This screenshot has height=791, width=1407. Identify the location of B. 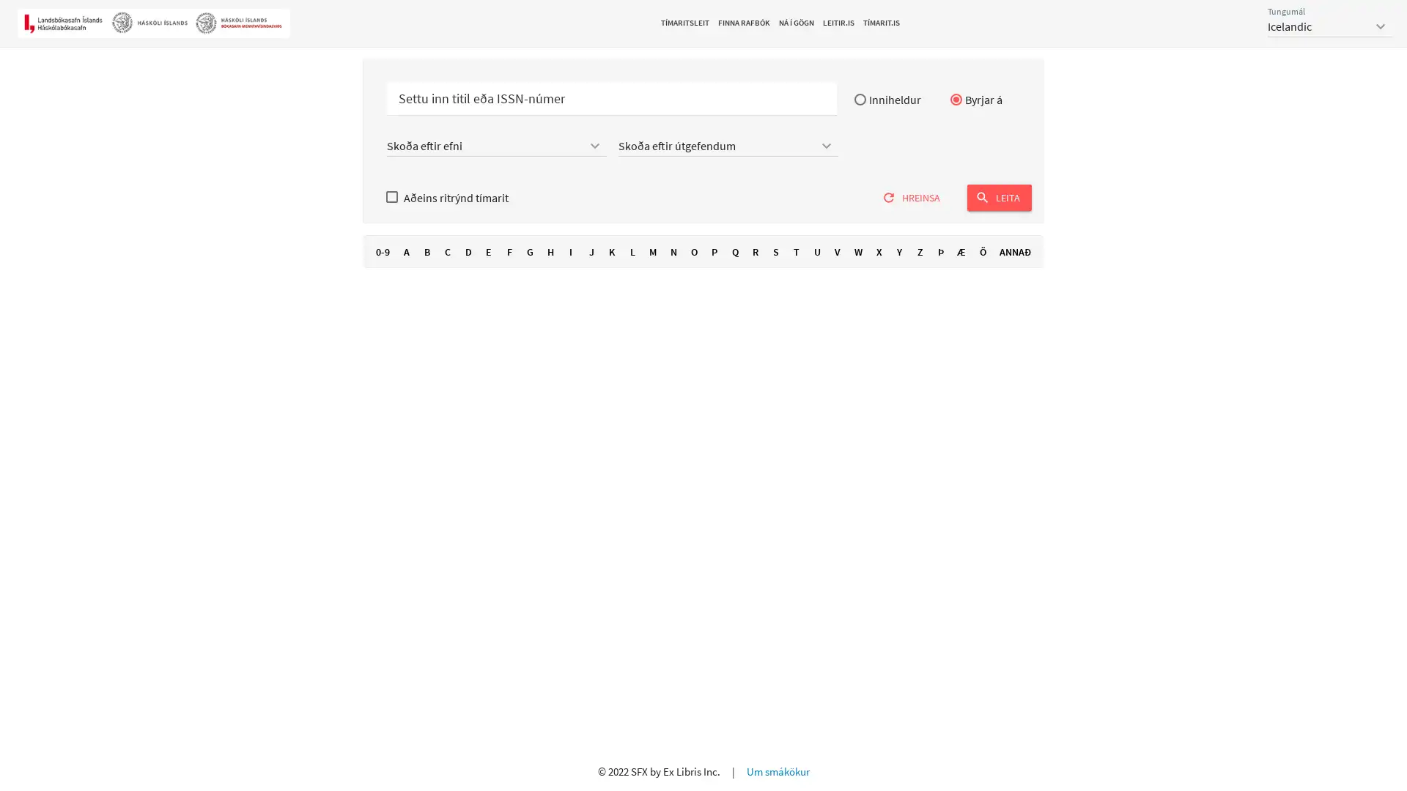
(426, 250).